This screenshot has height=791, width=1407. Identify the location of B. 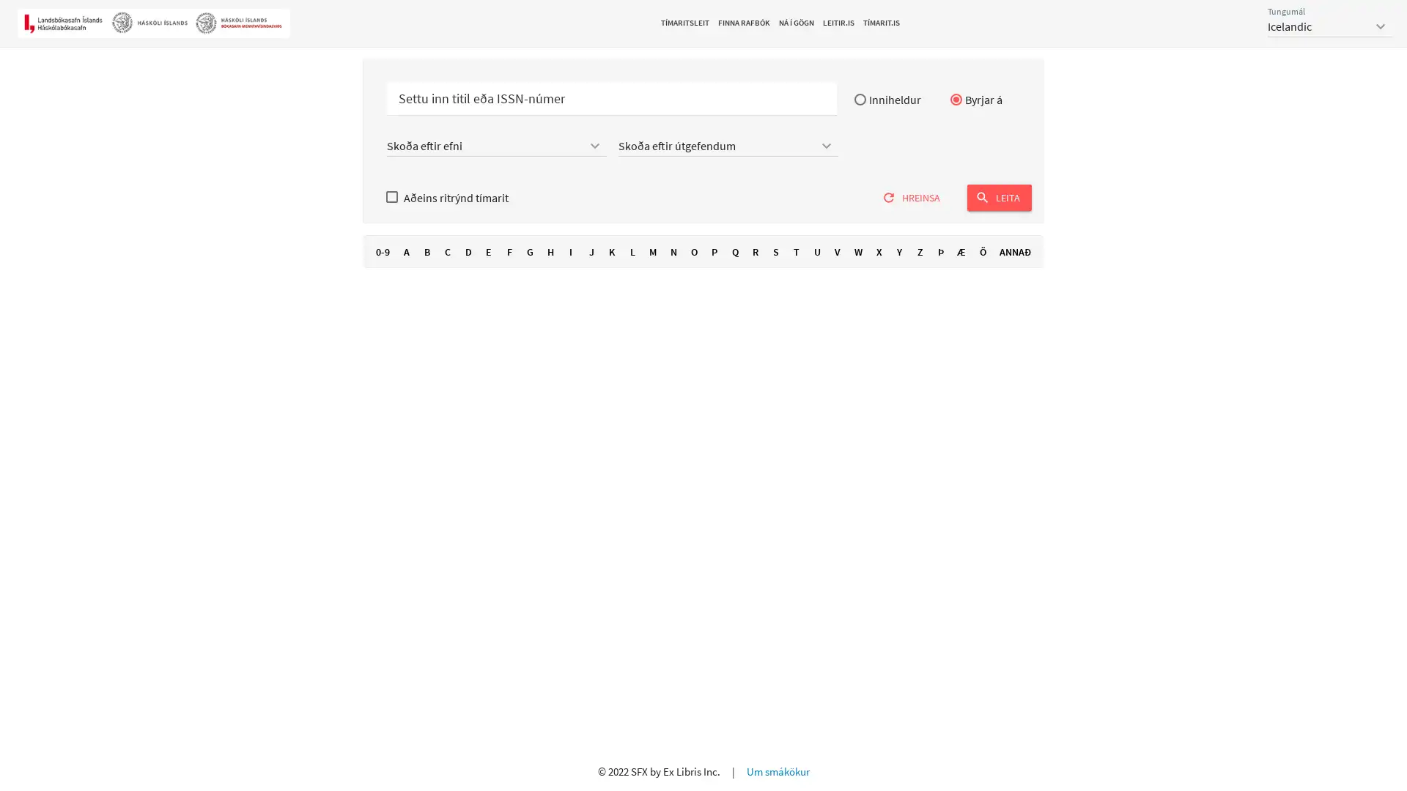
(426, 250).